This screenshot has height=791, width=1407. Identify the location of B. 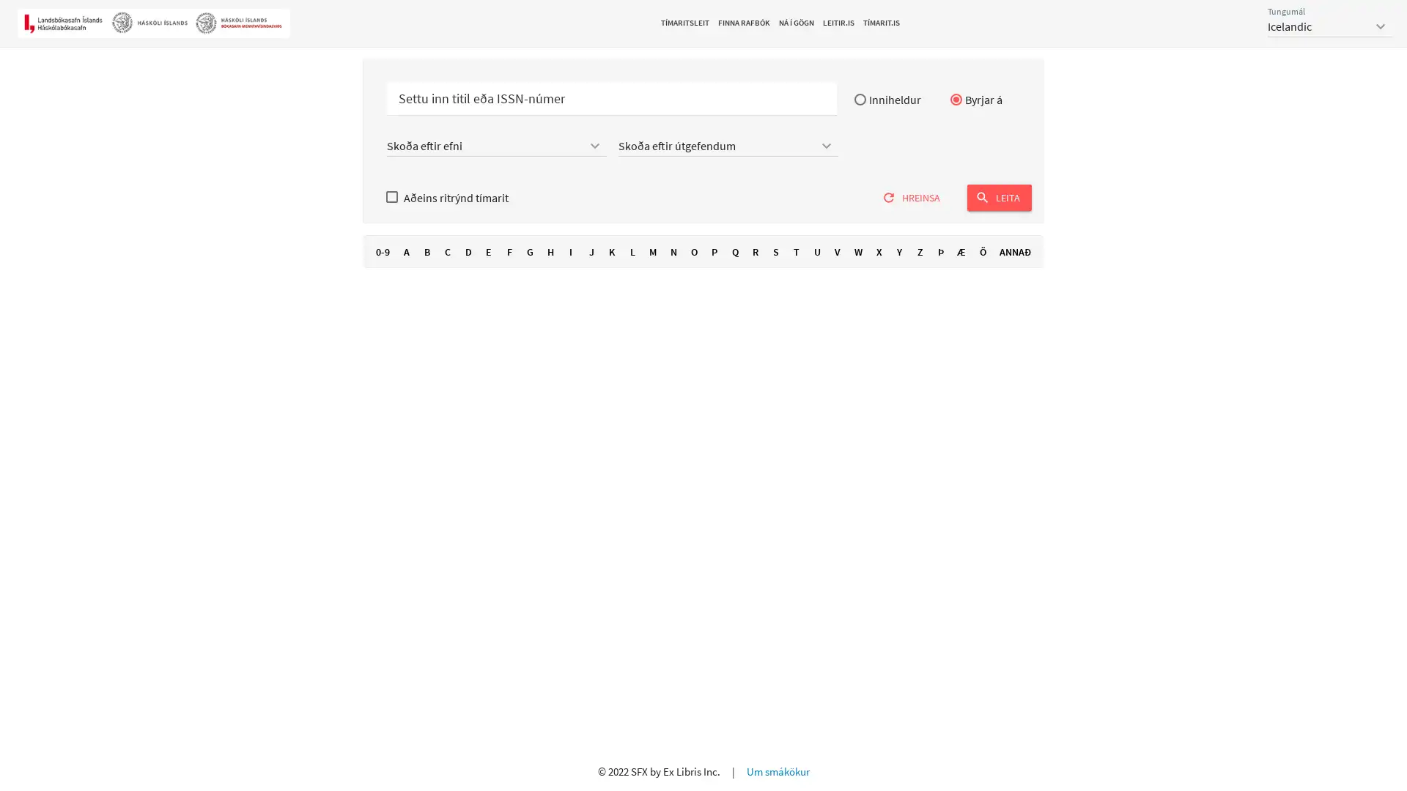
(426, 250).